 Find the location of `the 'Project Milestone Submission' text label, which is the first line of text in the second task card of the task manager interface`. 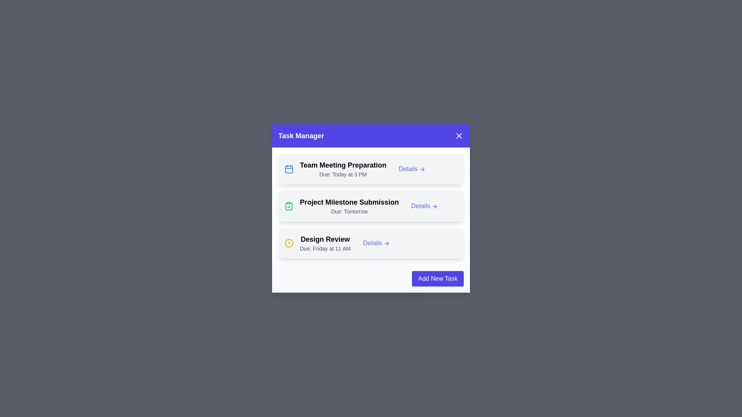

the 'Project Milestone Submission' text label, which is the first line of text in the second task card of the task manager interface is located at coordinates (349, 202).